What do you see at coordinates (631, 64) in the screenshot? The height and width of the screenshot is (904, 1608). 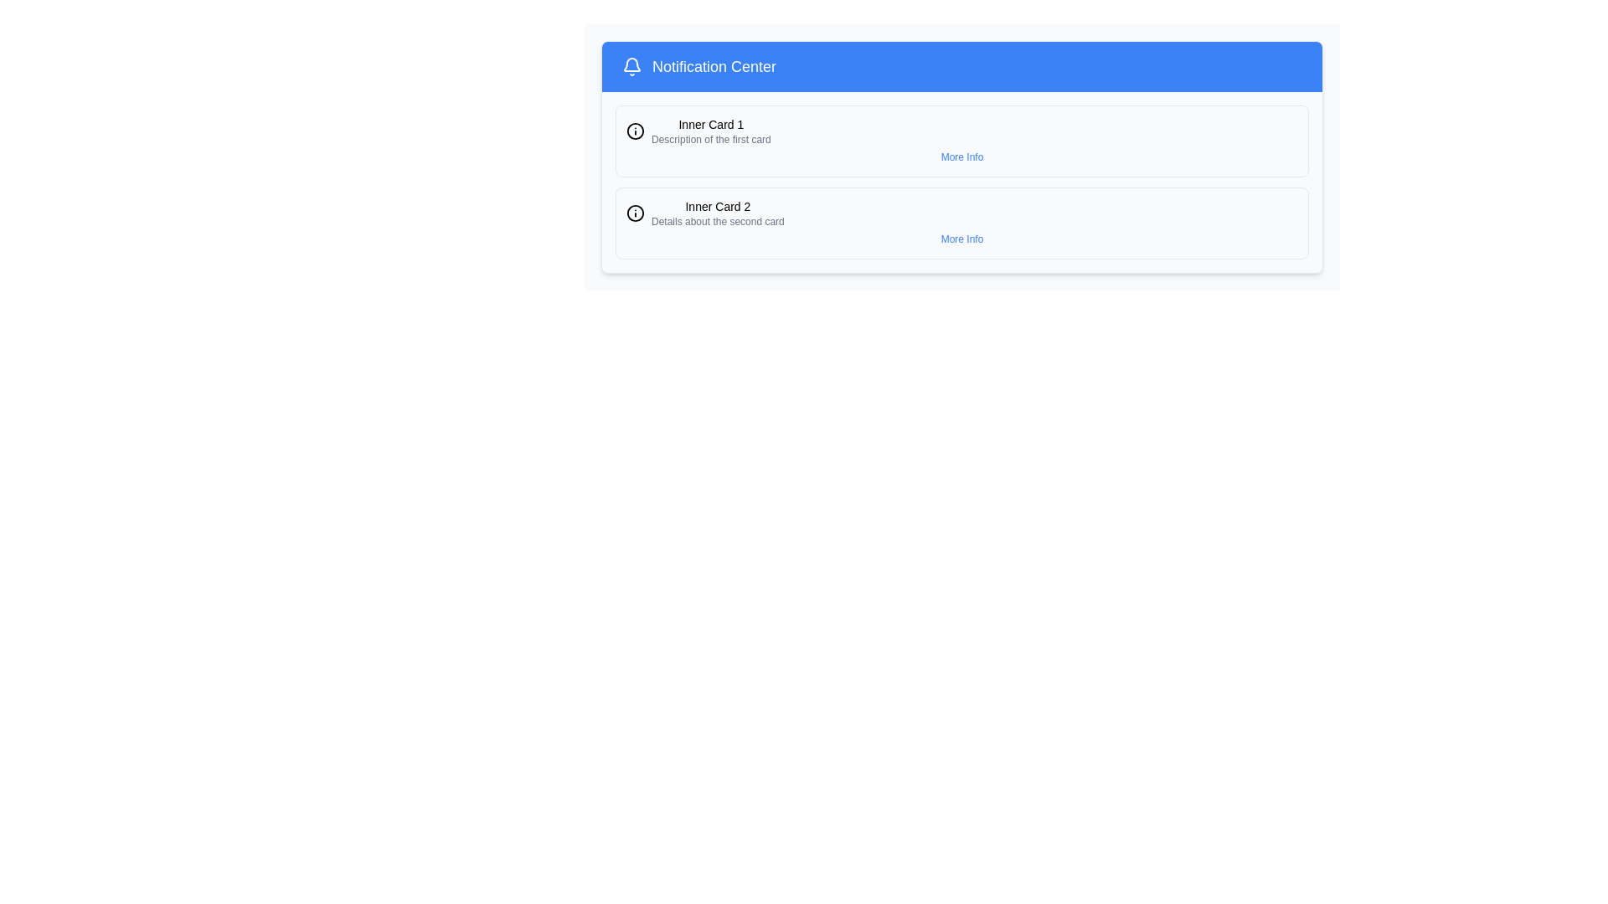 I see `the bell icon in the notification interface, located to the left of the 'Notification Center' text in the header section` at bounding box center [631, 64].